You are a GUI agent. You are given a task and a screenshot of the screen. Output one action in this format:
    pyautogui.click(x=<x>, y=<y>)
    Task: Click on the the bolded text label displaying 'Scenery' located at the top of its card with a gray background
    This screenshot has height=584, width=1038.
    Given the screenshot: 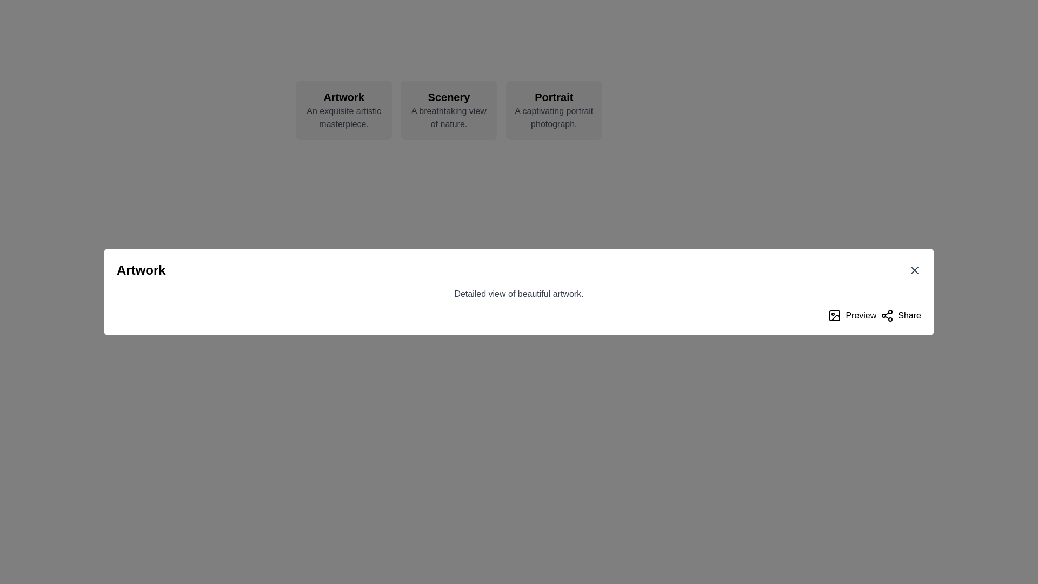 What is the action you would take?
    pyautogui.click(x=449, y=97)
    